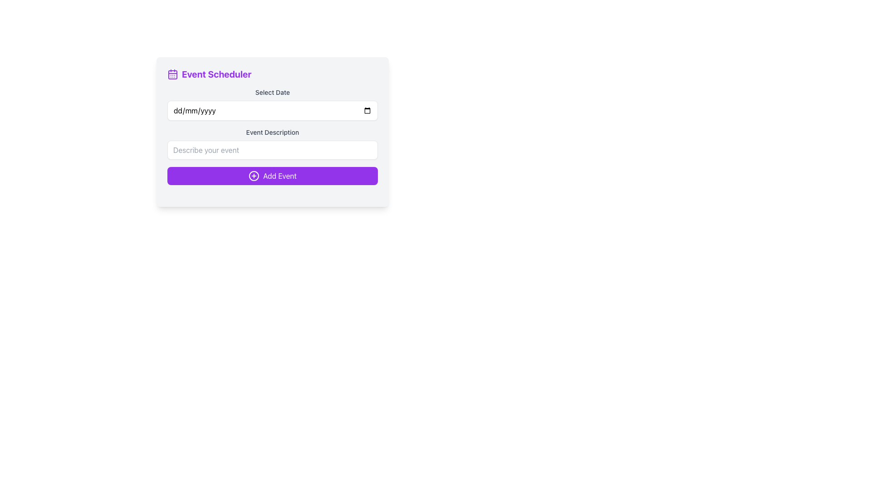 The image size is (871, 490). I want to click on the decorative iconographic circle that enhances the 'Add Event' button's visual appeal, located at the center of the button's graphical icon, so click(254, 176).